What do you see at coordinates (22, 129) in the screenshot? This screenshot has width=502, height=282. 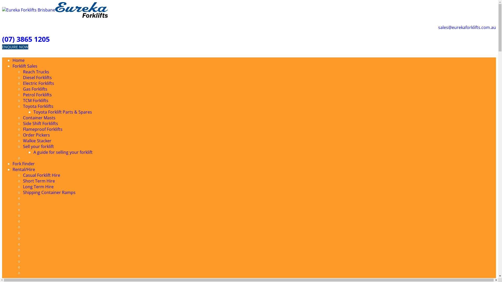 I see `'Flameproof Forklifts'` at bounding box center [22, 129].